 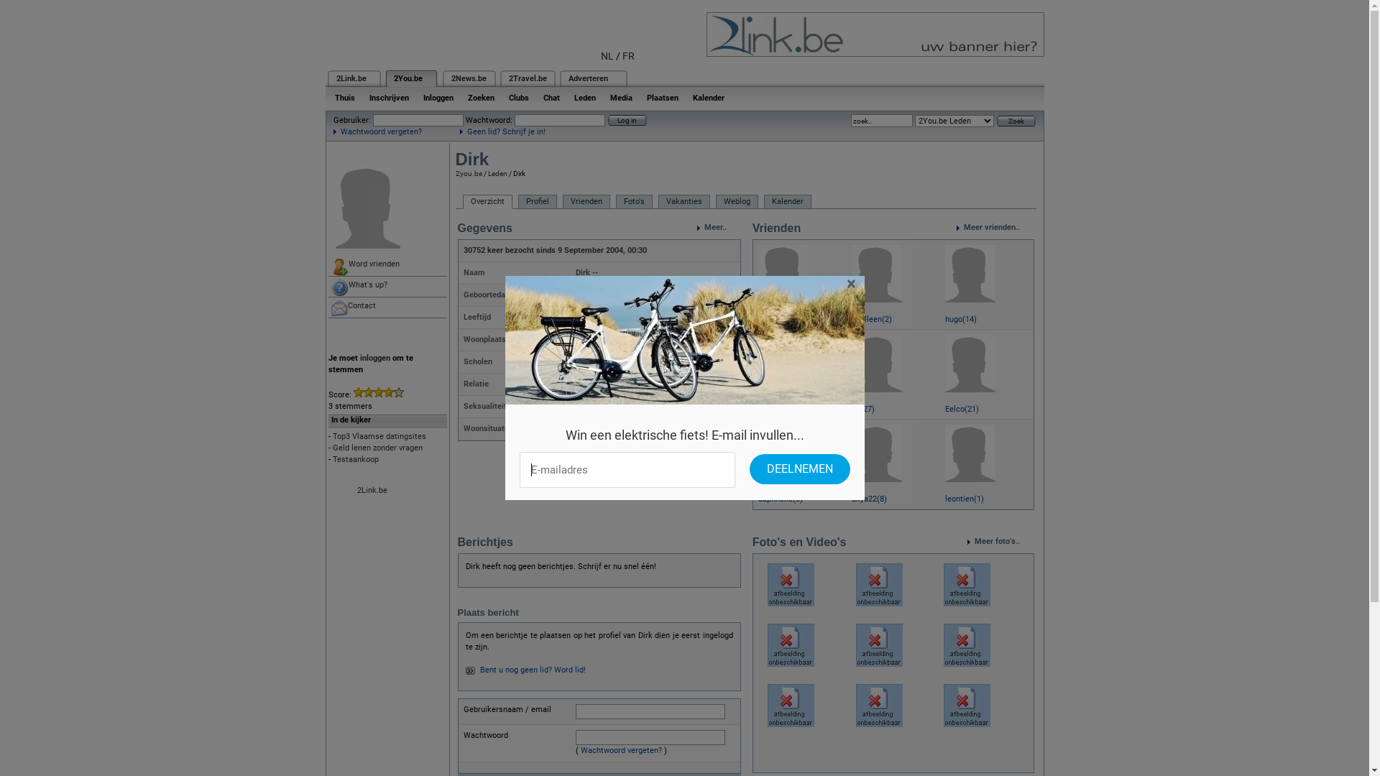 What do you see at coordinates (536, 202) in the screenshot?
I see `'Profiel'` at bounding box center [536, 202].